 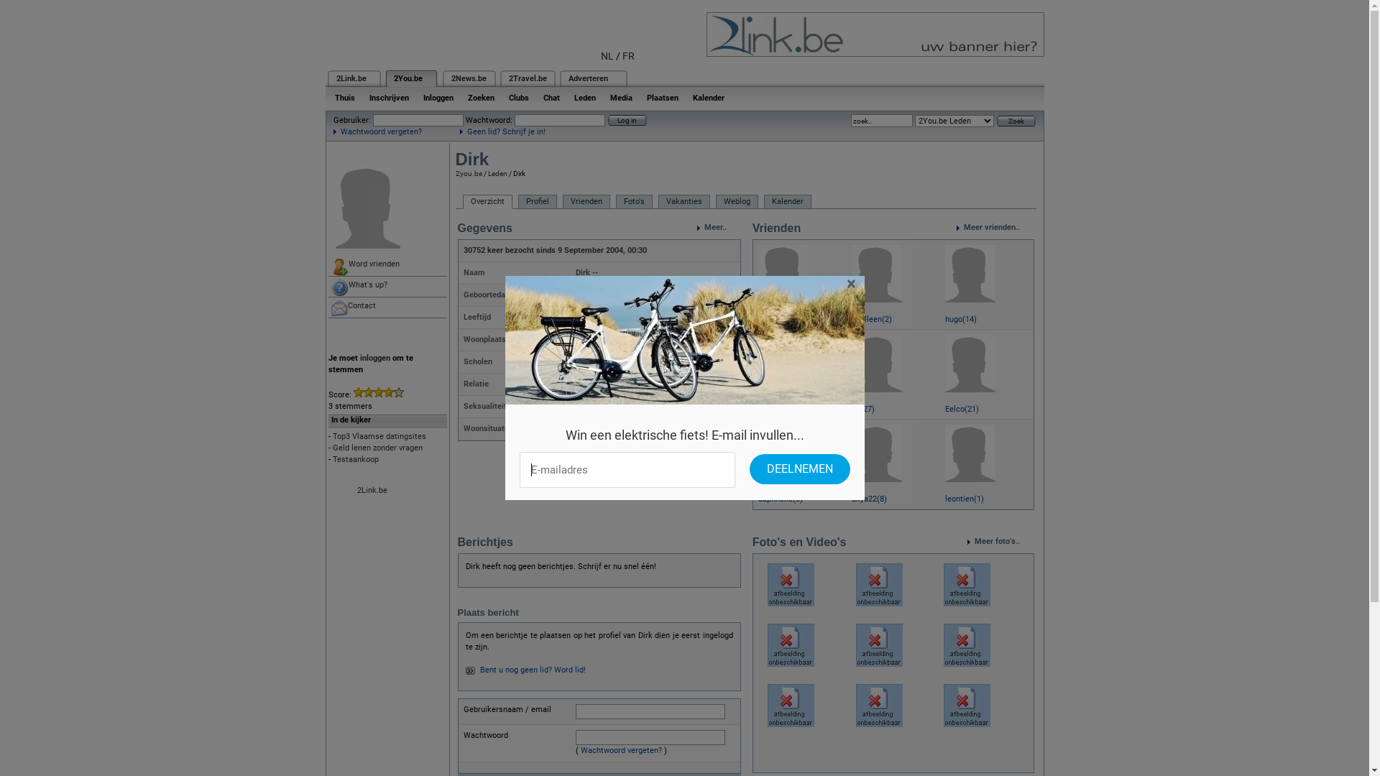 What do you see at coordinates (536, 202) in the screenshot?
I see `'Profiel'` at bounding box center [536, 202].